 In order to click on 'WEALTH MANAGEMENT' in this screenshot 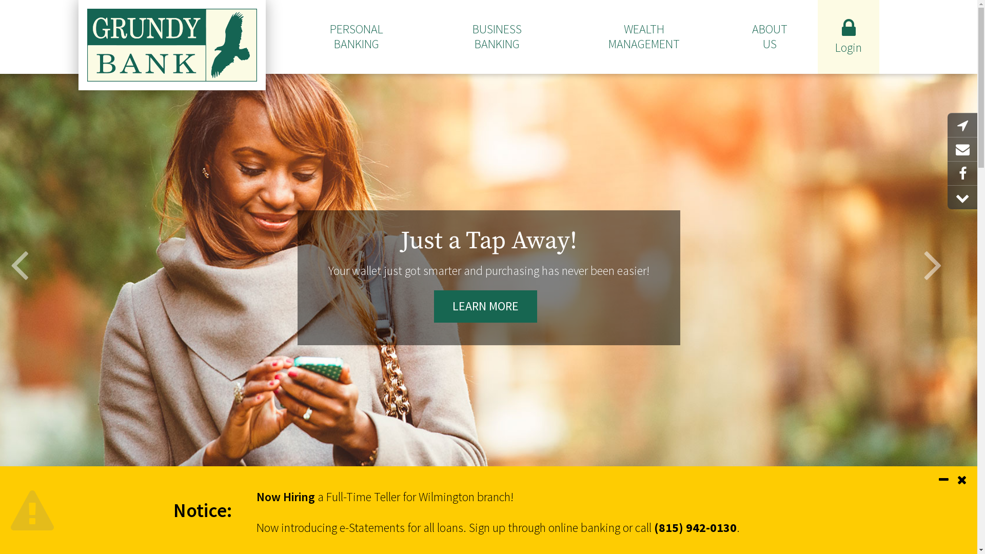, I will do `click(643, 36)`.